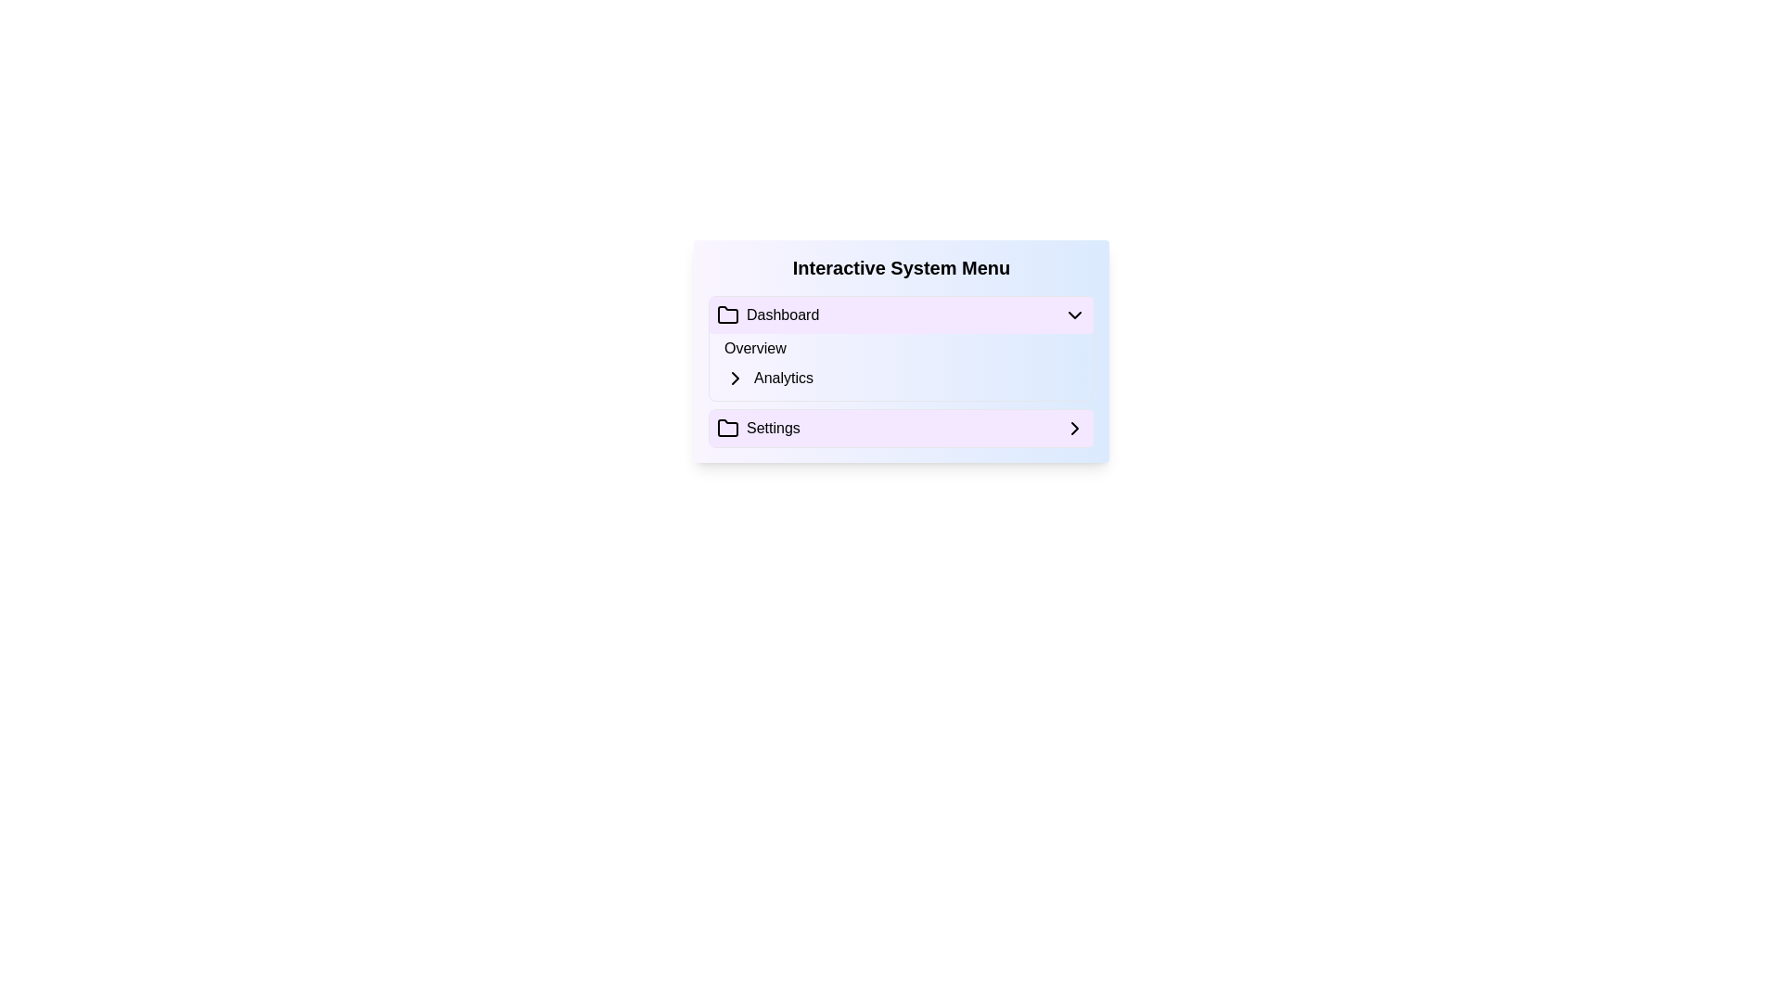 The height and width of the screenshot is (1002, 1781). Describe the element at coordinates (755, 348) in the screenshot. I see `the 'Overview' text label in the vertical menu` at that location.